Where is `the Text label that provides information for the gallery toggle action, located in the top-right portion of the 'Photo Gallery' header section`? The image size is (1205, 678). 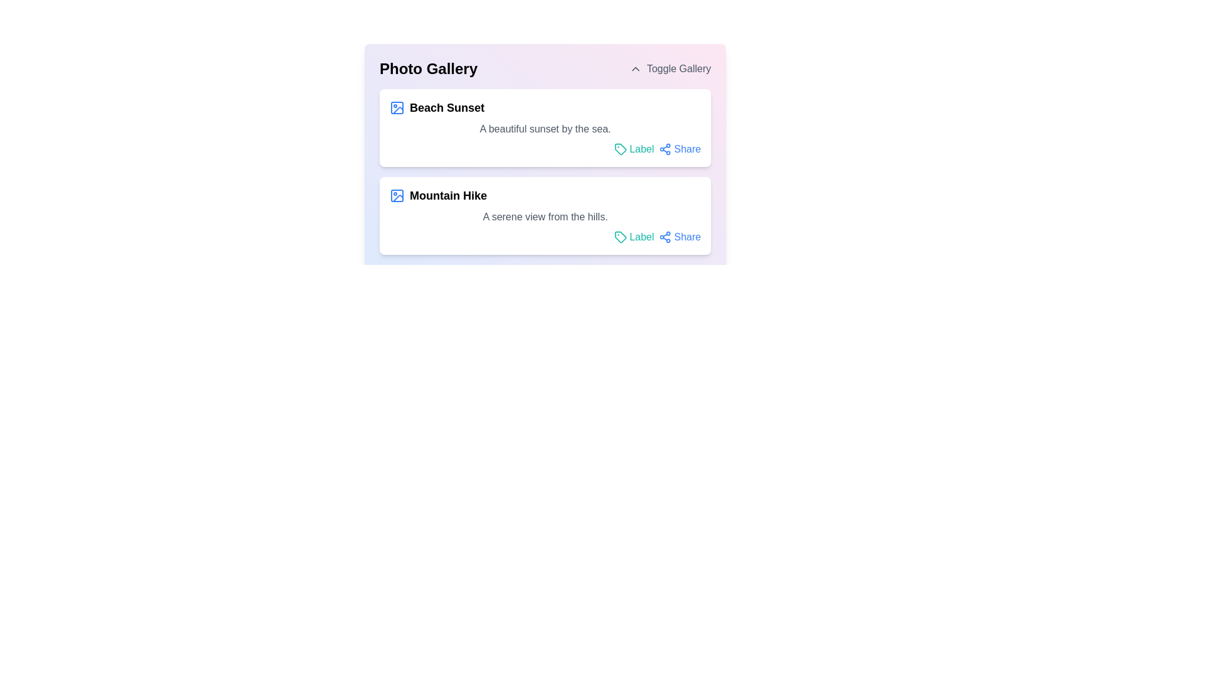 the Text label that provides information for the gallery toggle action, located in the top-right portion of the 'Photo Gallery' header section is located at coordinates (678, 69).